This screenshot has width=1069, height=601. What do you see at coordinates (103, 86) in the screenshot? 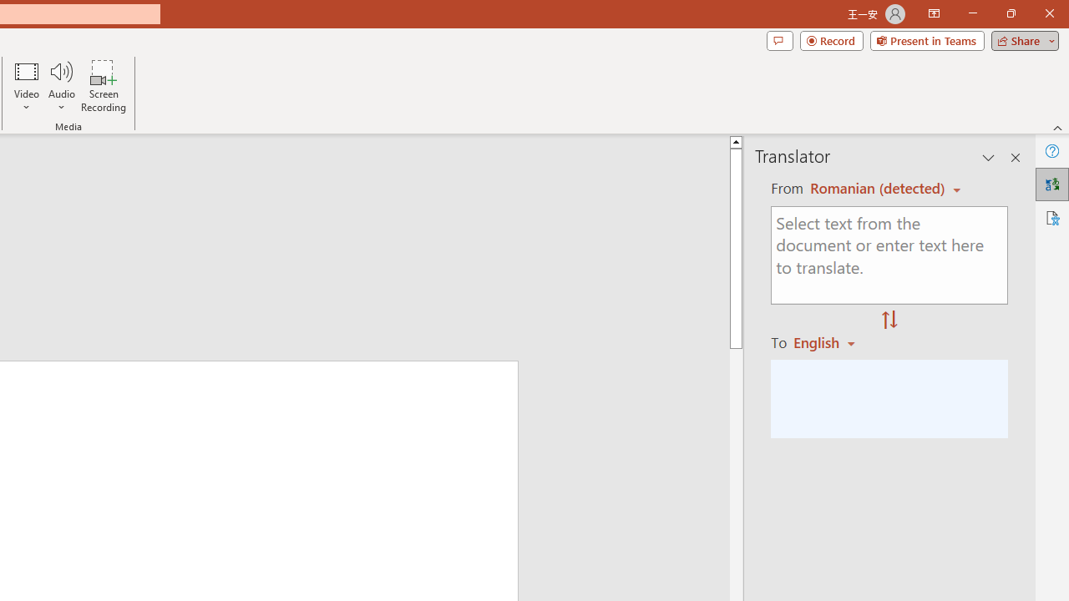
I see `'Screen Recording...'` at bounding box center [103, 86].